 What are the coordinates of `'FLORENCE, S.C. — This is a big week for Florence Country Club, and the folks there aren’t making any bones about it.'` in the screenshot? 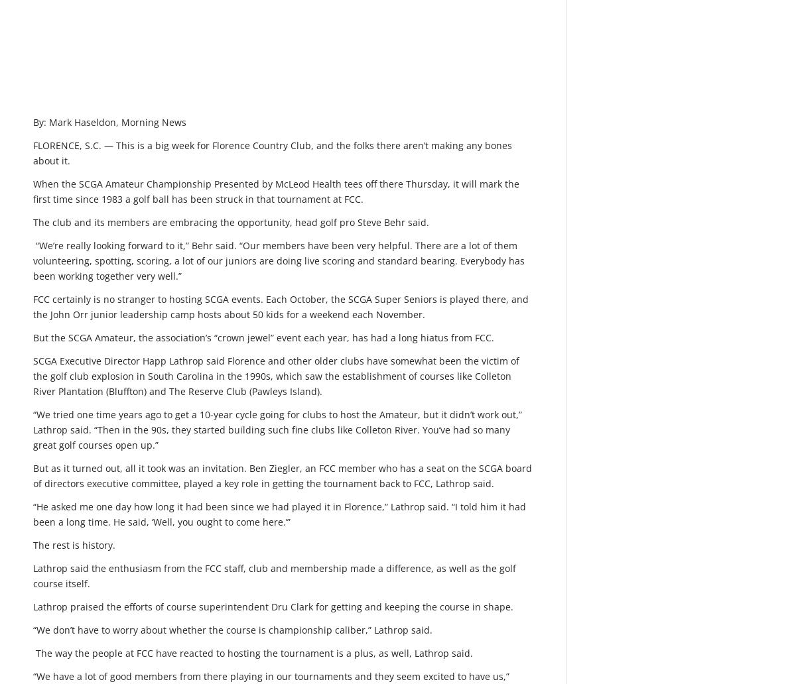 It's located at (273, 152).